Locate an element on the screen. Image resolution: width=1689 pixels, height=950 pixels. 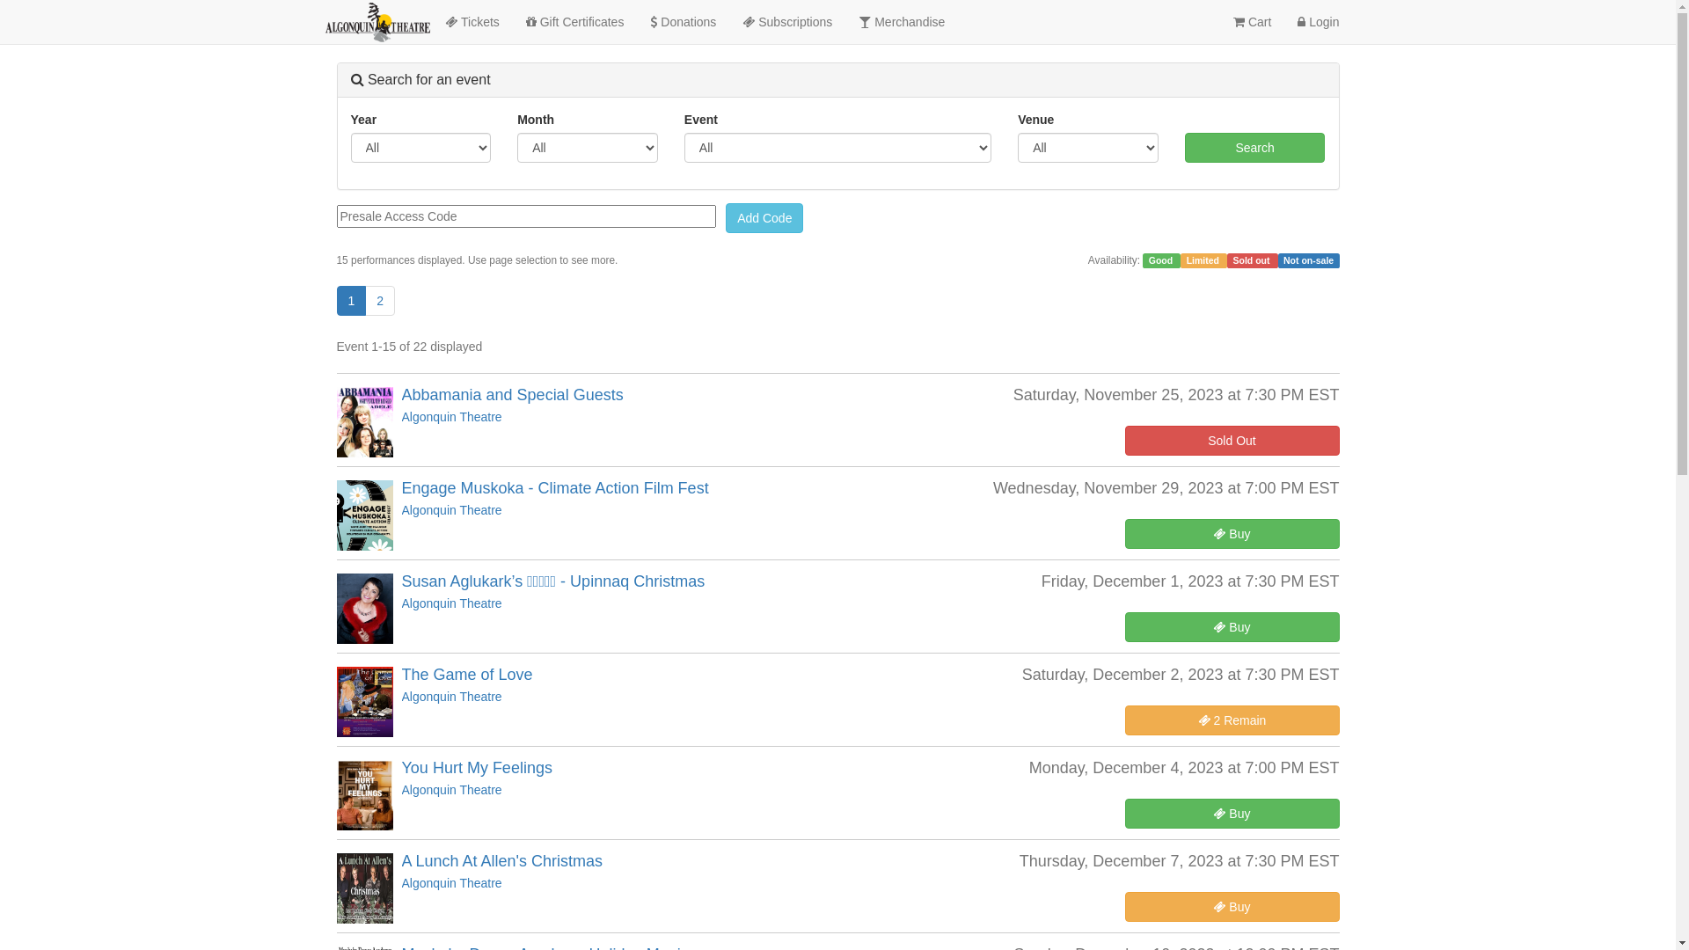
'Cart' is located at coordinates (1219, 21).